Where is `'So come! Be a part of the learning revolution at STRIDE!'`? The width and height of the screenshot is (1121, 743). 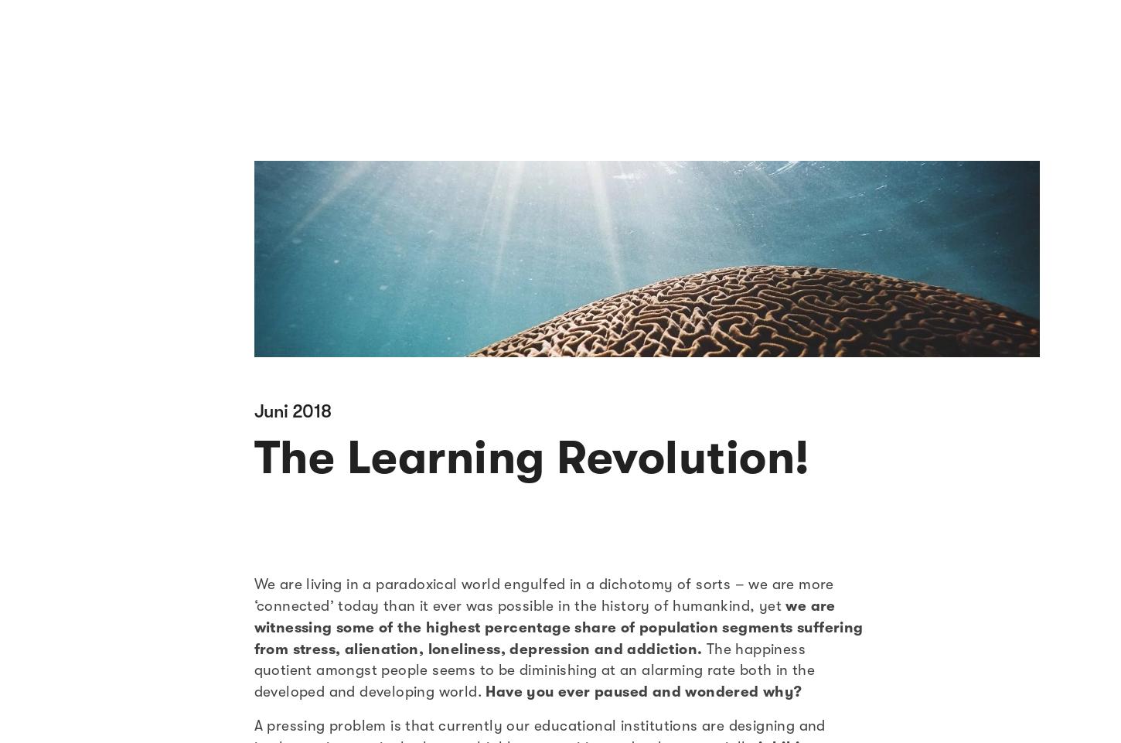
'So come! Be a part of the learning revolution at STRIDE!' is located at coordinates (446, 411).